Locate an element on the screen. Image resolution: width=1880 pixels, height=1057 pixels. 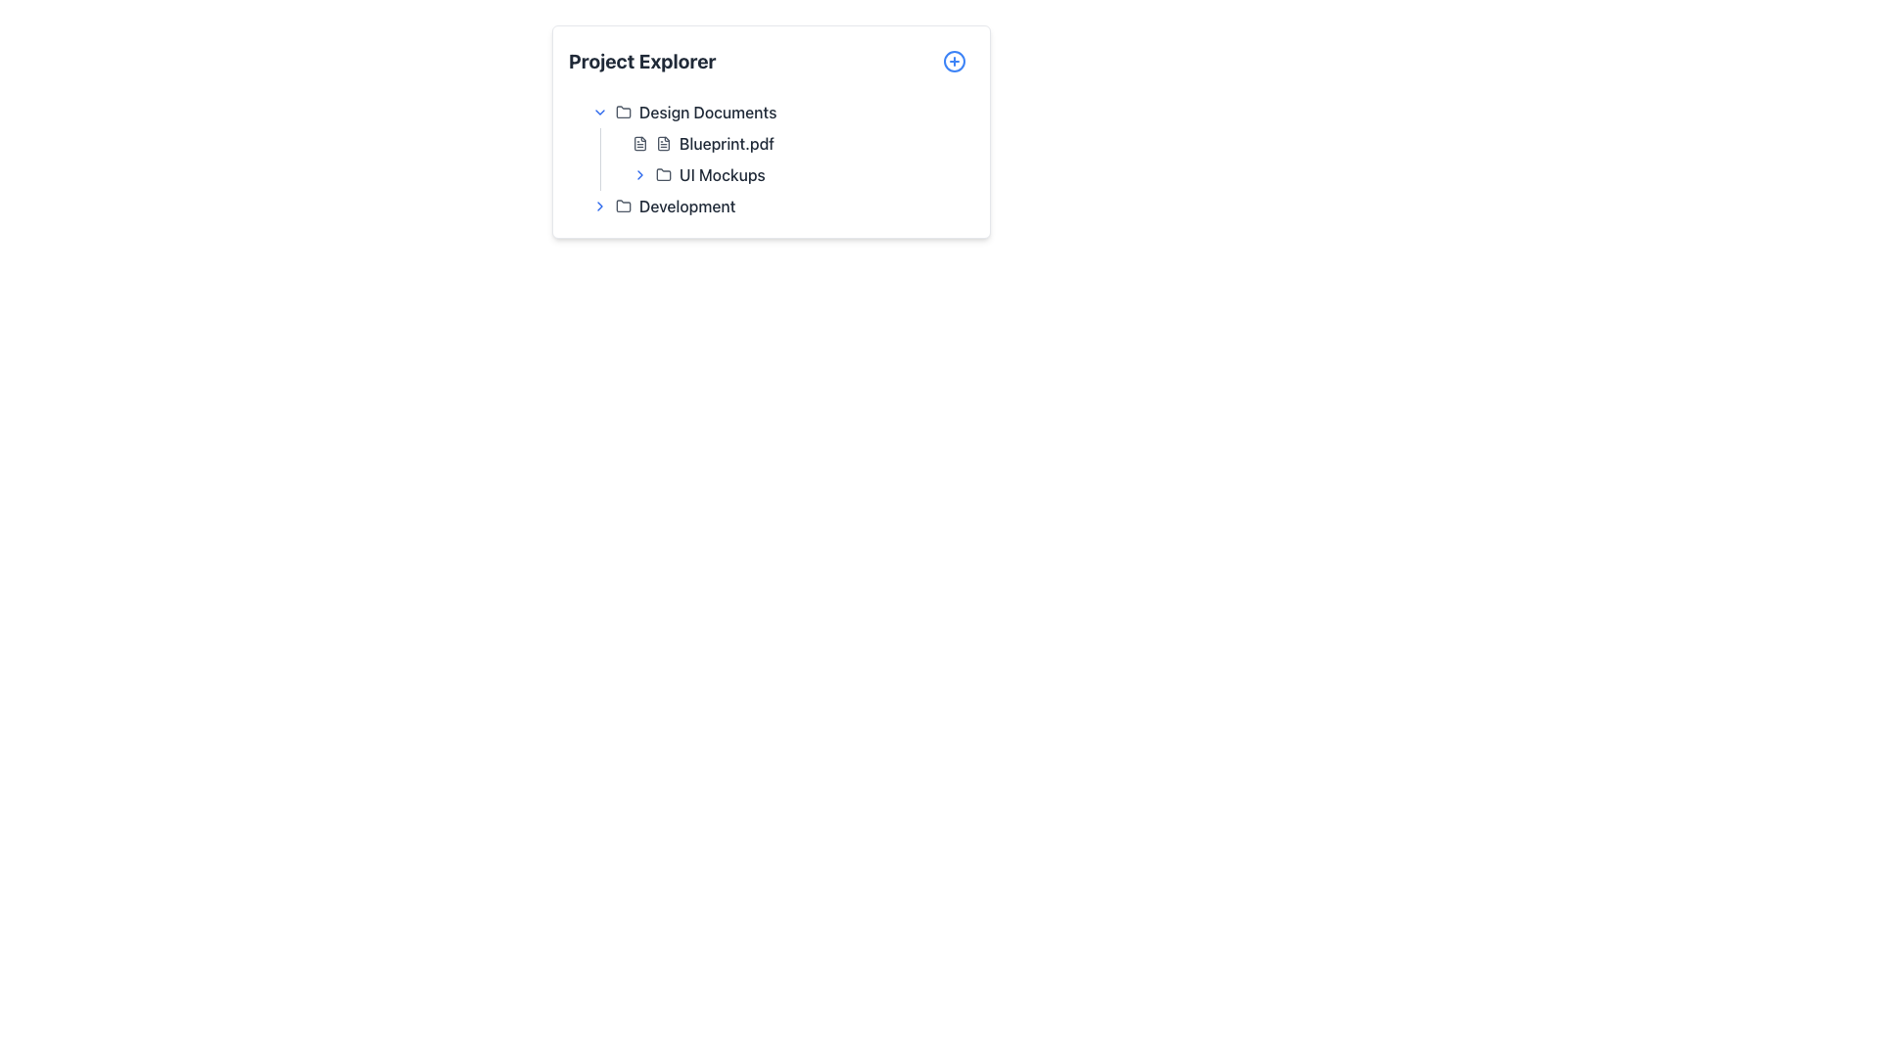
the small document file icon, which has a gray outline and is located to the left of the 'Blueprint.pdf' label in the 'Project Explorer' section is located at coordinates (639, 142).